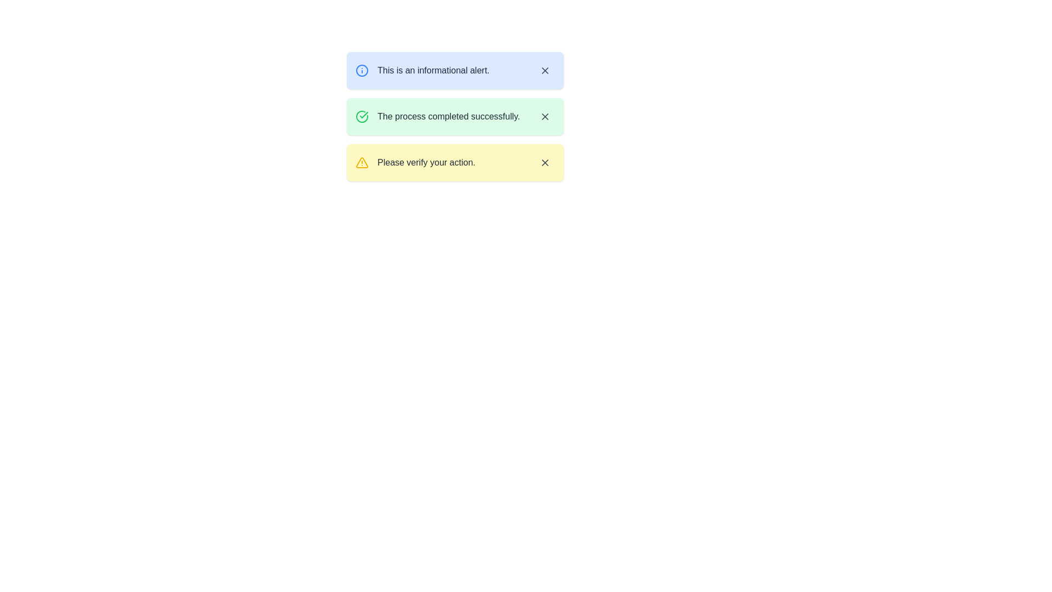  Describe the element at coordinates (545, 116) in the screenshot. I see `the dismiss icon resembling a diagonal cross located in the green notification box stating 'The process completed successfully.'` at that location.